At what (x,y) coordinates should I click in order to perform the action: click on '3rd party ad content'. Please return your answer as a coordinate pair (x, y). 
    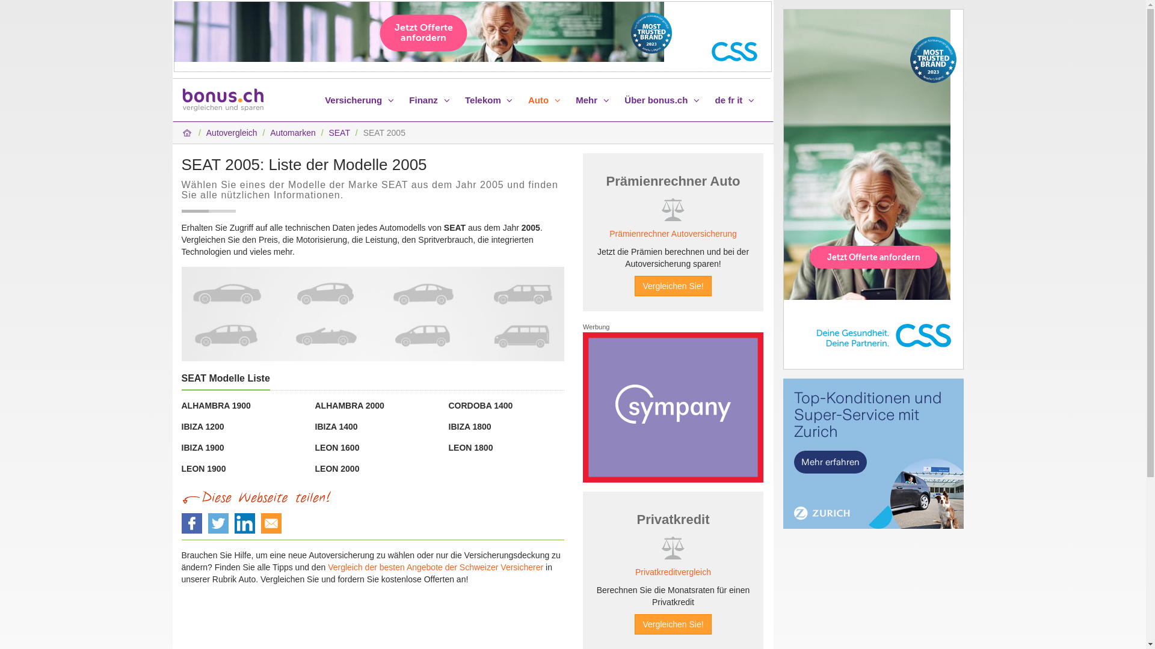
    Looking at the image, I should click on (672, 407).